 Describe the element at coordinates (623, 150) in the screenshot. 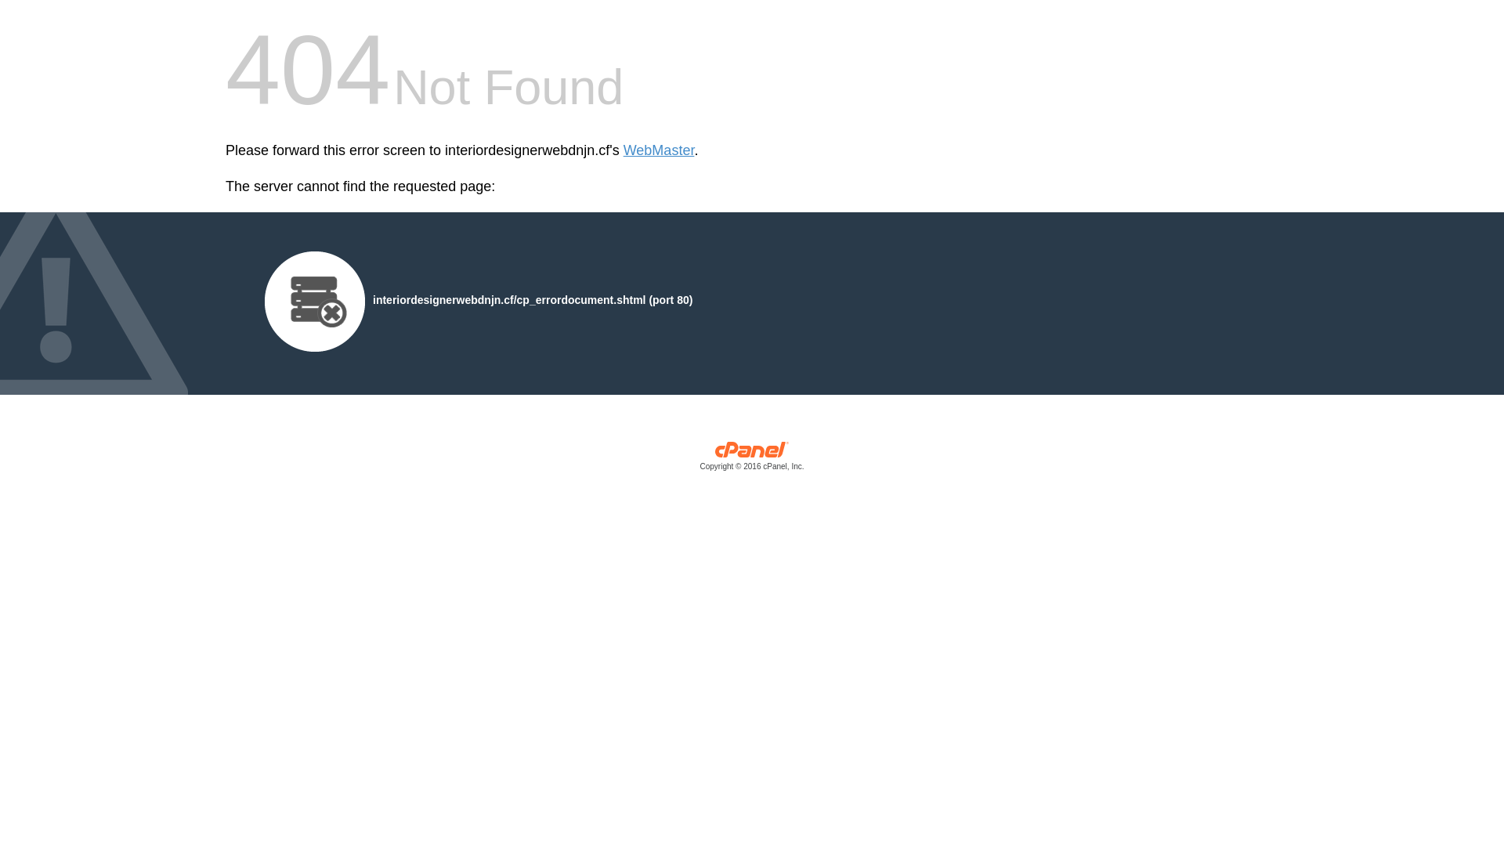

I see `'WebMaster'` at that location.